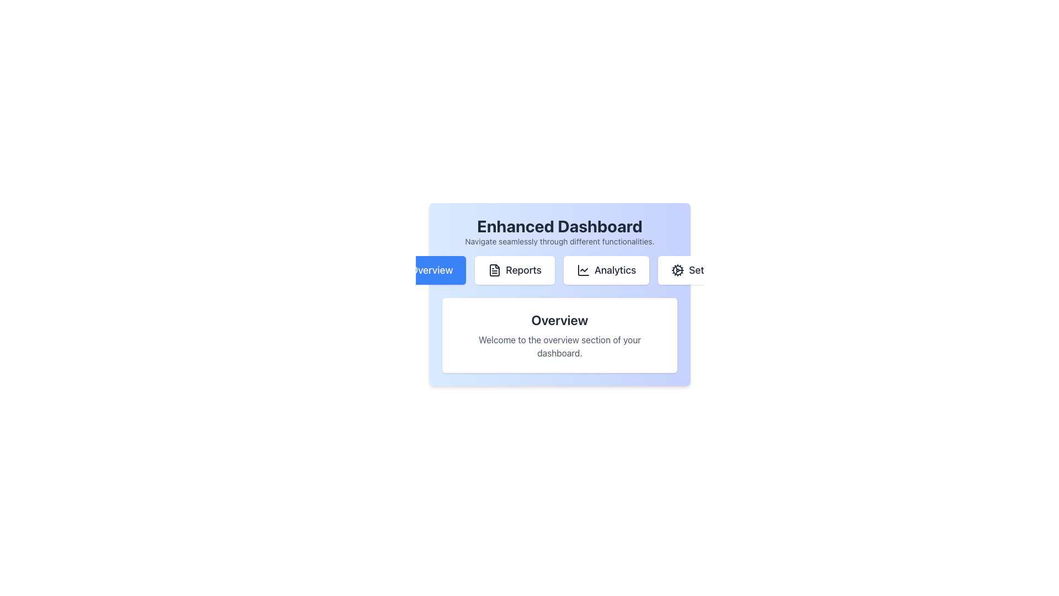 The width and height of the screenshot is (1059, 596). I want to click on the static informational text block at the top-center of the dashboard, which contains the header and subtitle, so click(559, 231).